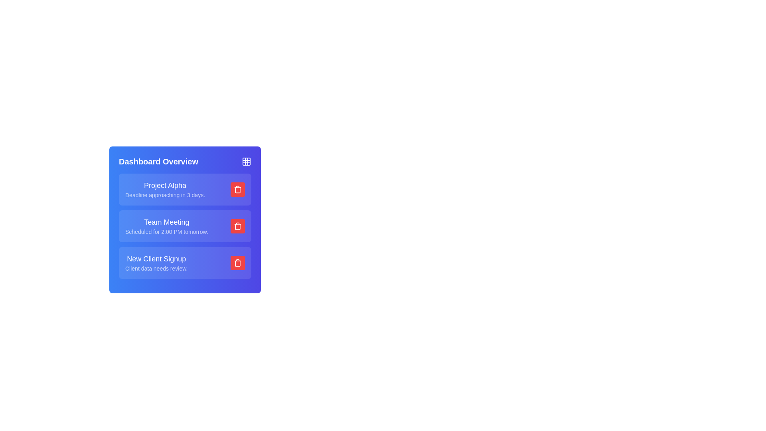 The width and height of the screenshot is (766, 431). I want to click on the text label displaying 'Deadline approaching in 3 days.' which is located below the 'Project Alpha' text in the dashboard's content section, so click(164, 195).